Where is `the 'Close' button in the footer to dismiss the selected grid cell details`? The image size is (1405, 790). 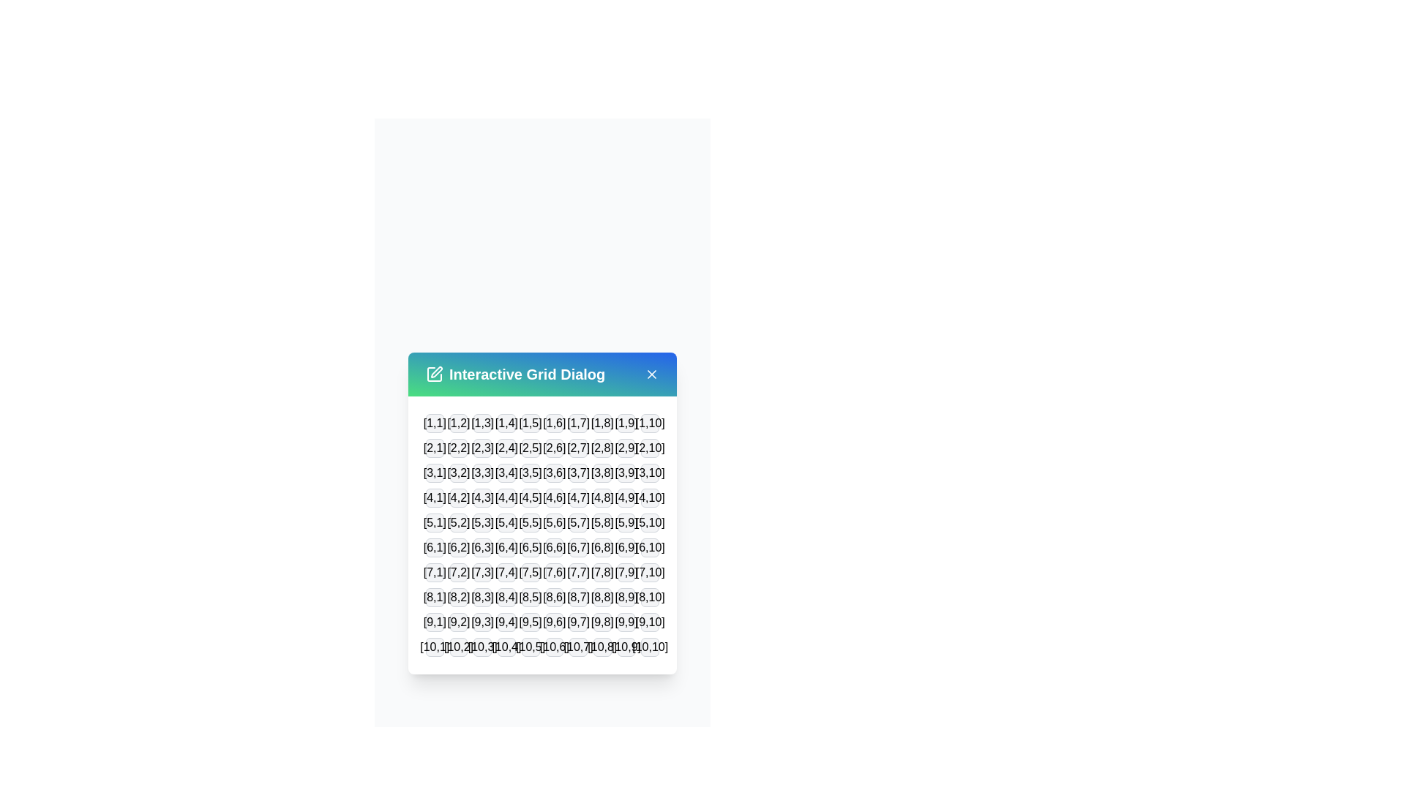 the 'Close' button in the footer to dismiss the selected grid cell details is located at coordinates (542, 693).